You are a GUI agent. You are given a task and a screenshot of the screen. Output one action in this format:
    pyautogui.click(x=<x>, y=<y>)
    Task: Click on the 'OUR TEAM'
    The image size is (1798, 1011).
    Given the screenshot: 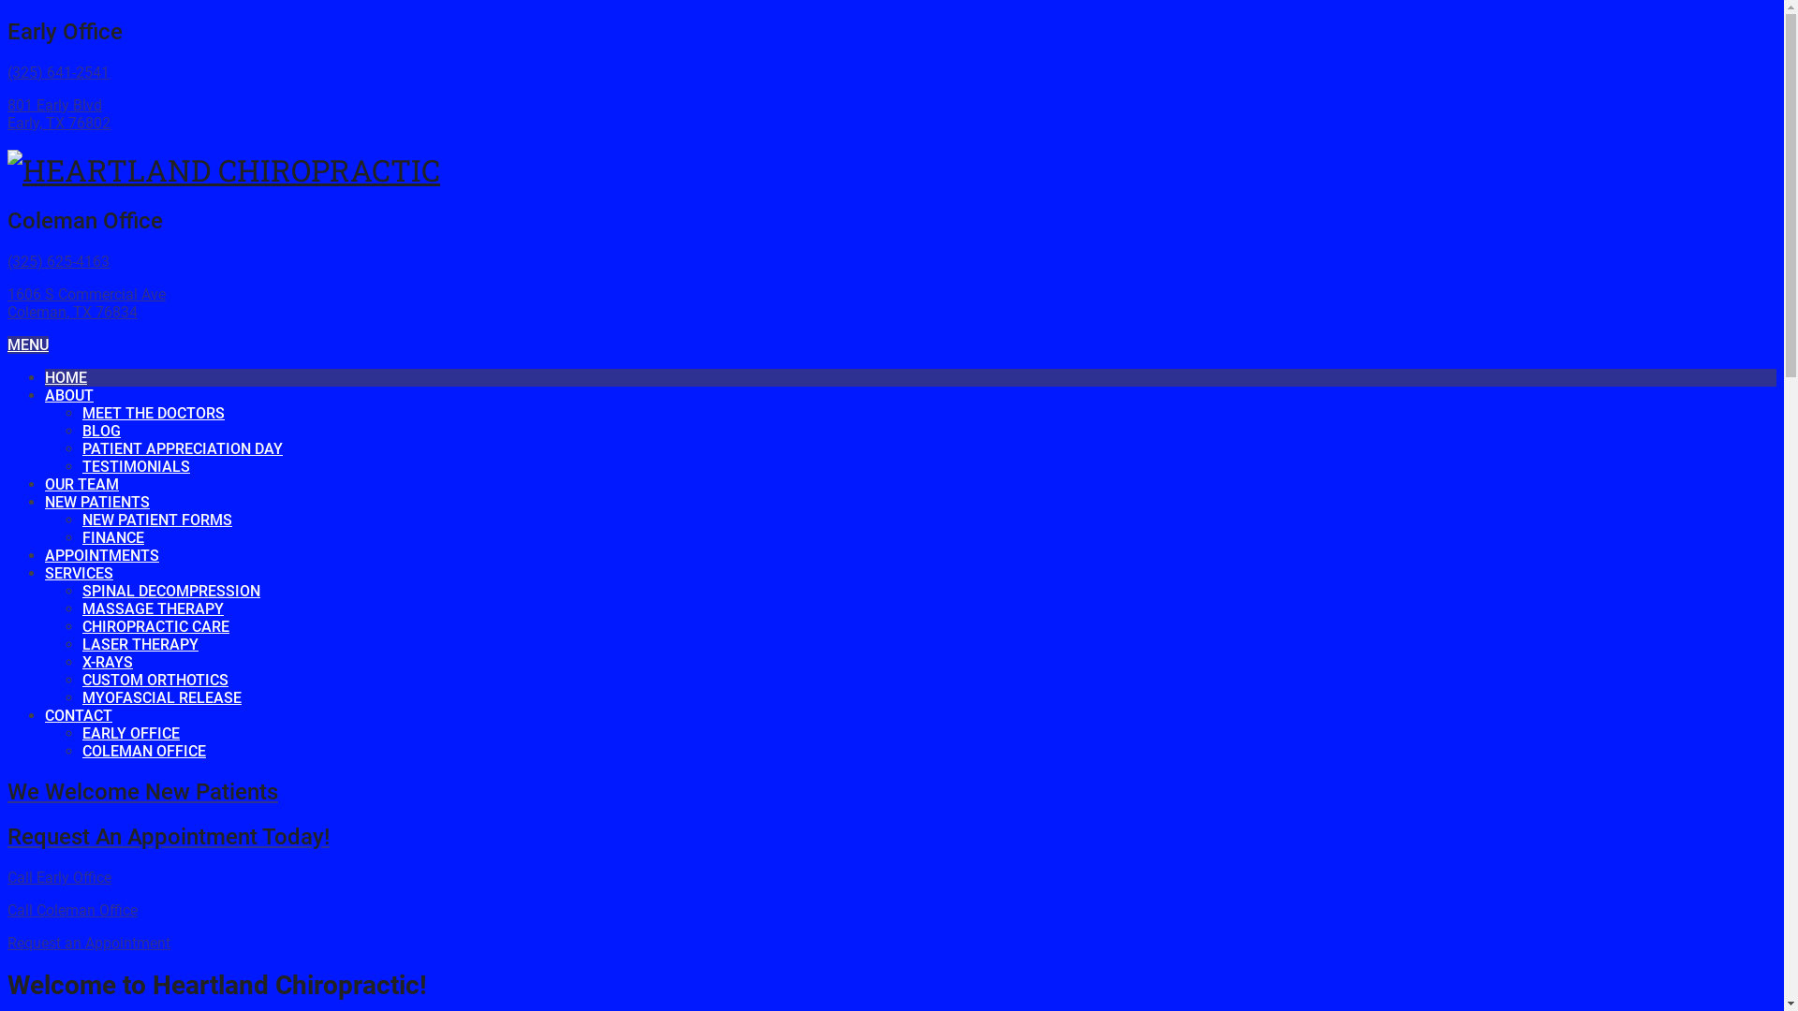 What is the action you would take?
    pyautogui.click(x=81, y=483)
    